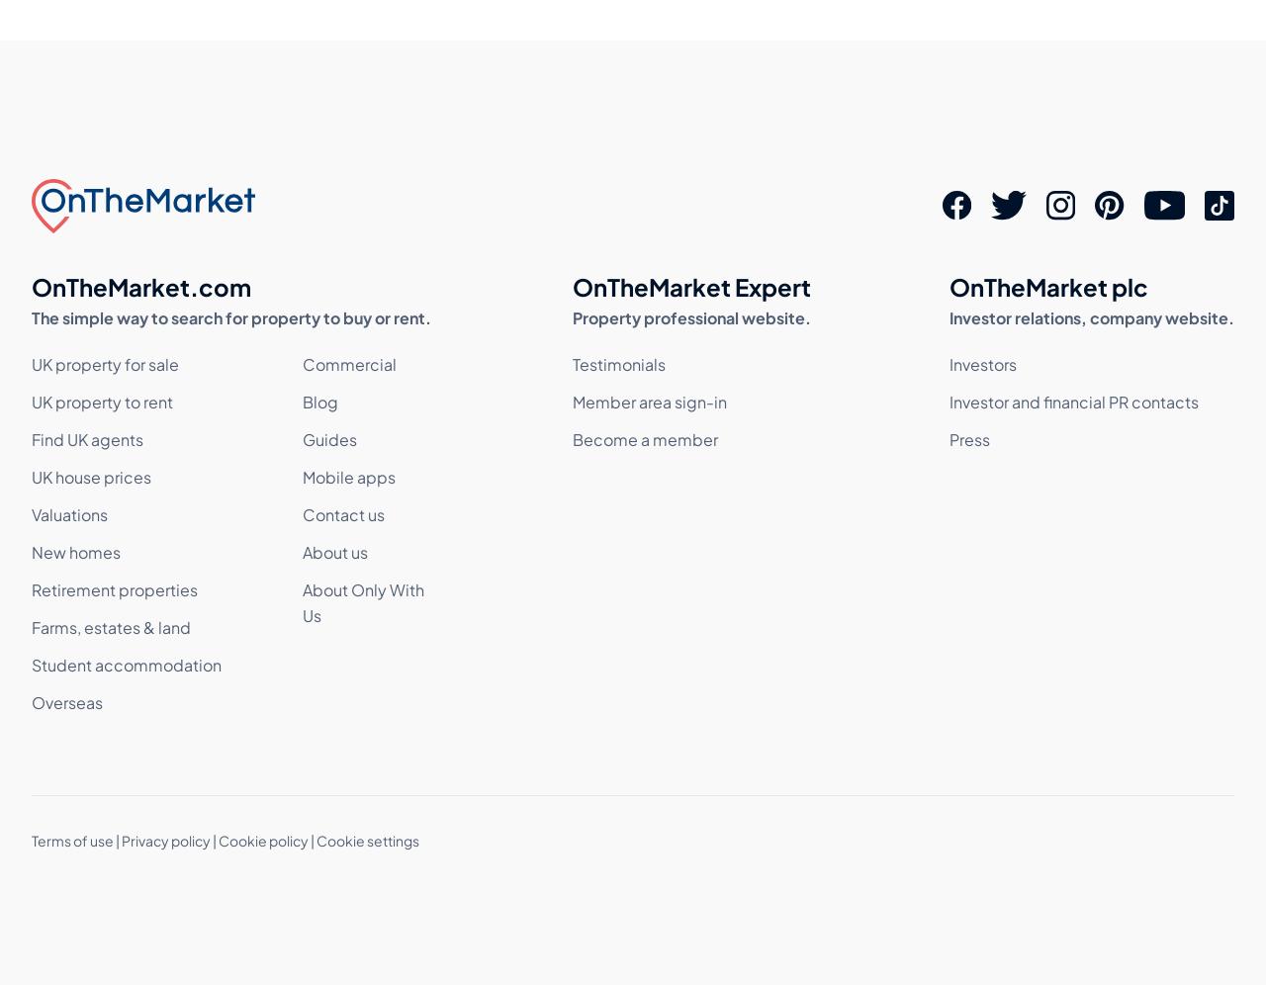 Image resolution: width=1266 pixels, height=985 pixels. I want to click on 'Commercial', so click(301, 364).